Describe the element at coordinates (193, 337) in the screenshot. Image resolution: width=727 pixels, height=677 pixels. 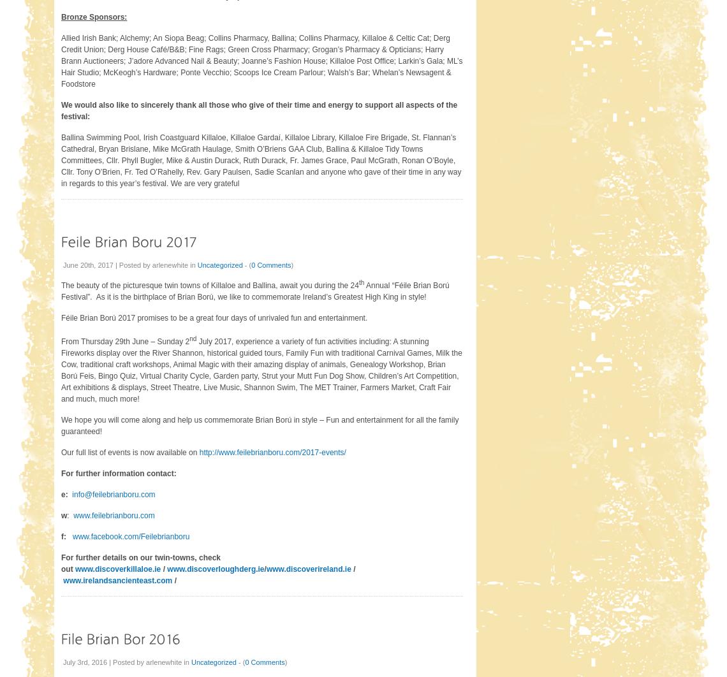
I see `'nd'` at that location.